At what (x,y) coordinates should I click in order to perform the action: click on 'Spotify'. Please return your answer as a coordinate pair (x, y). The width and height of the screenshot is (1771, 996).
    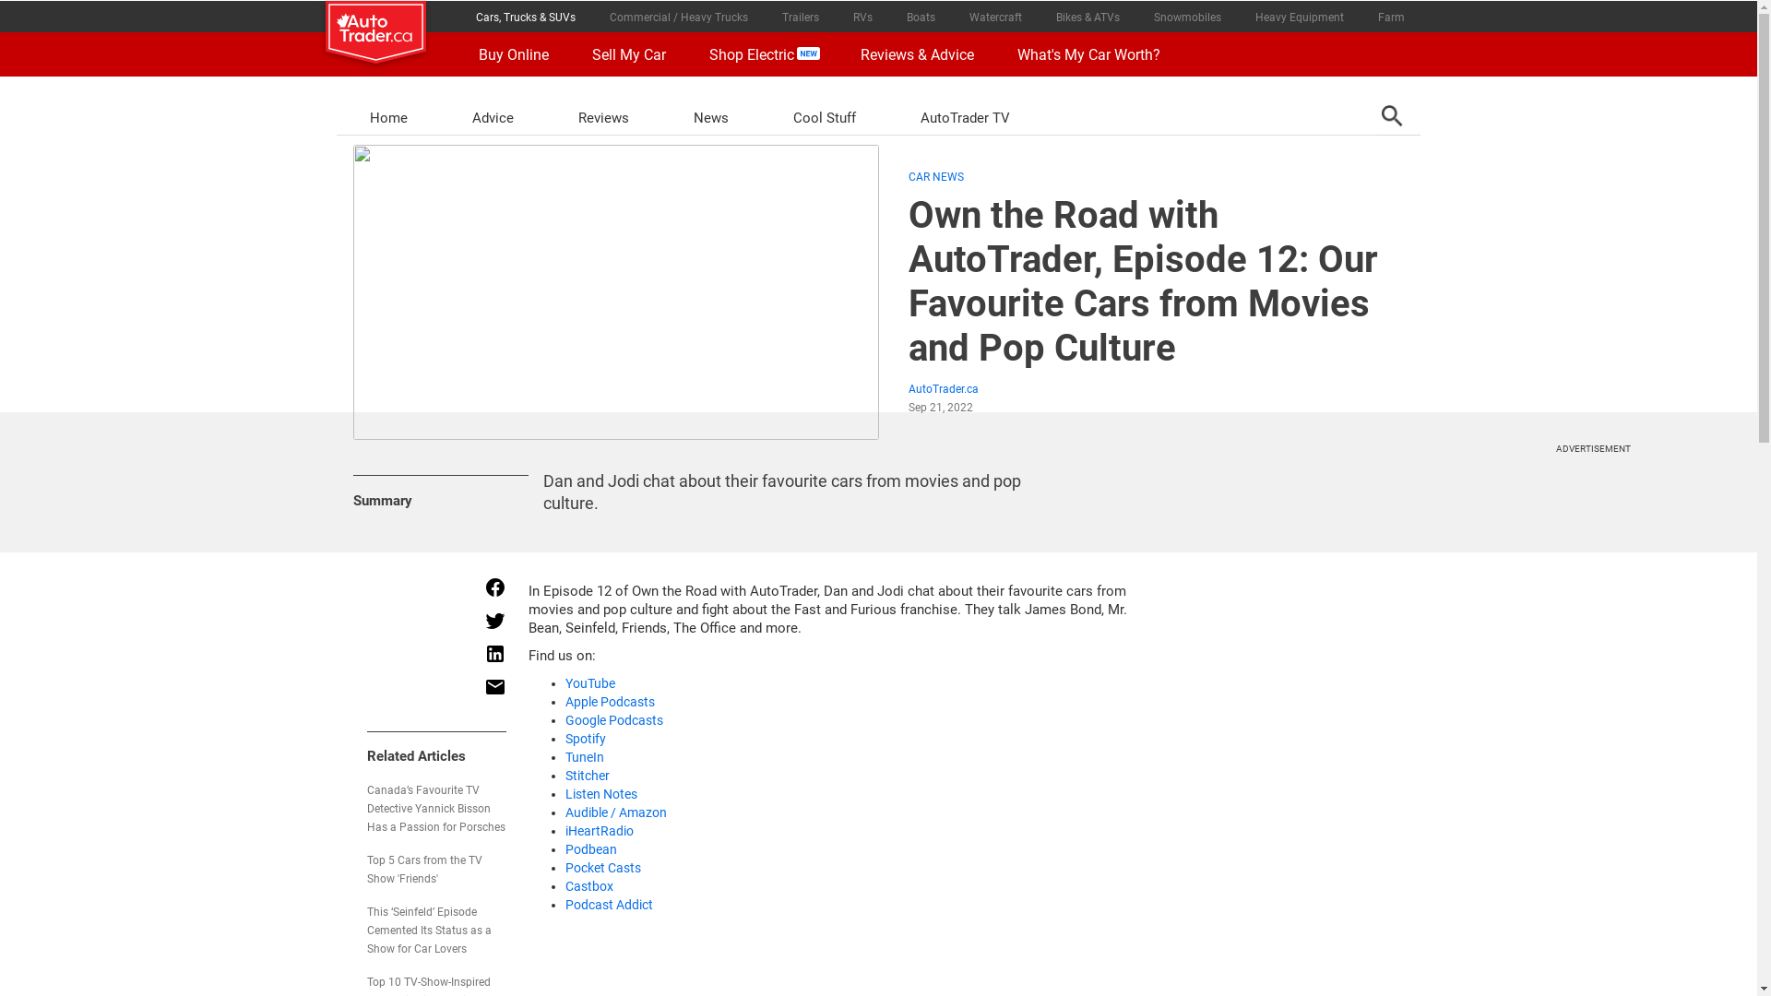
    Looking at the image, I should click on (583, 738).